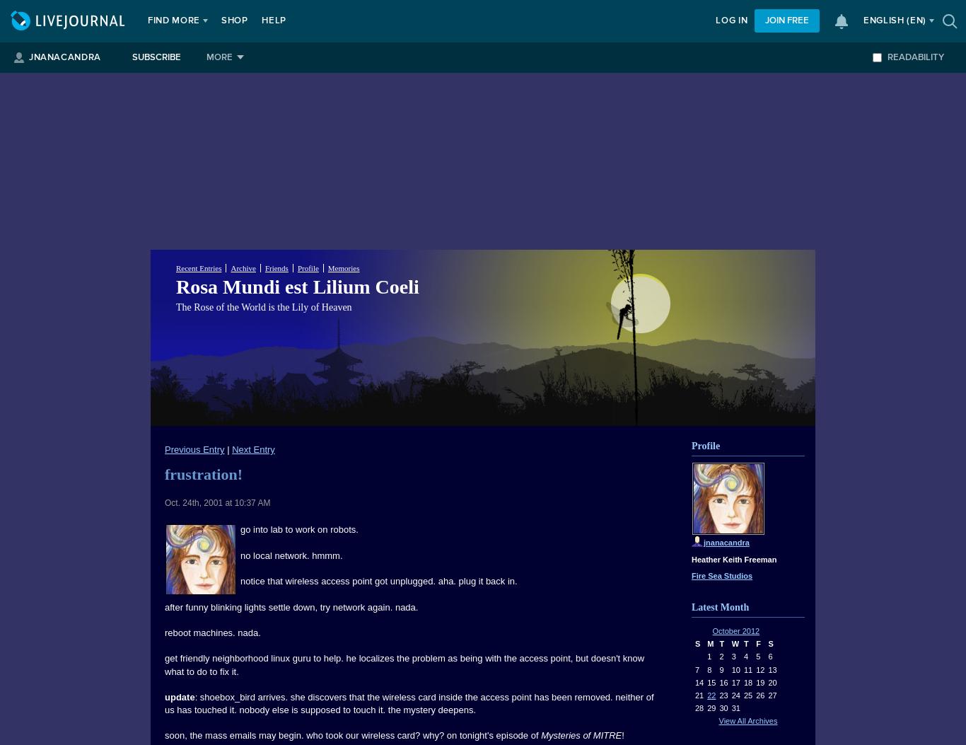 Image resolution: width=966 pixels, height=745 pixels. I want to click on '!', so click(622, 734).